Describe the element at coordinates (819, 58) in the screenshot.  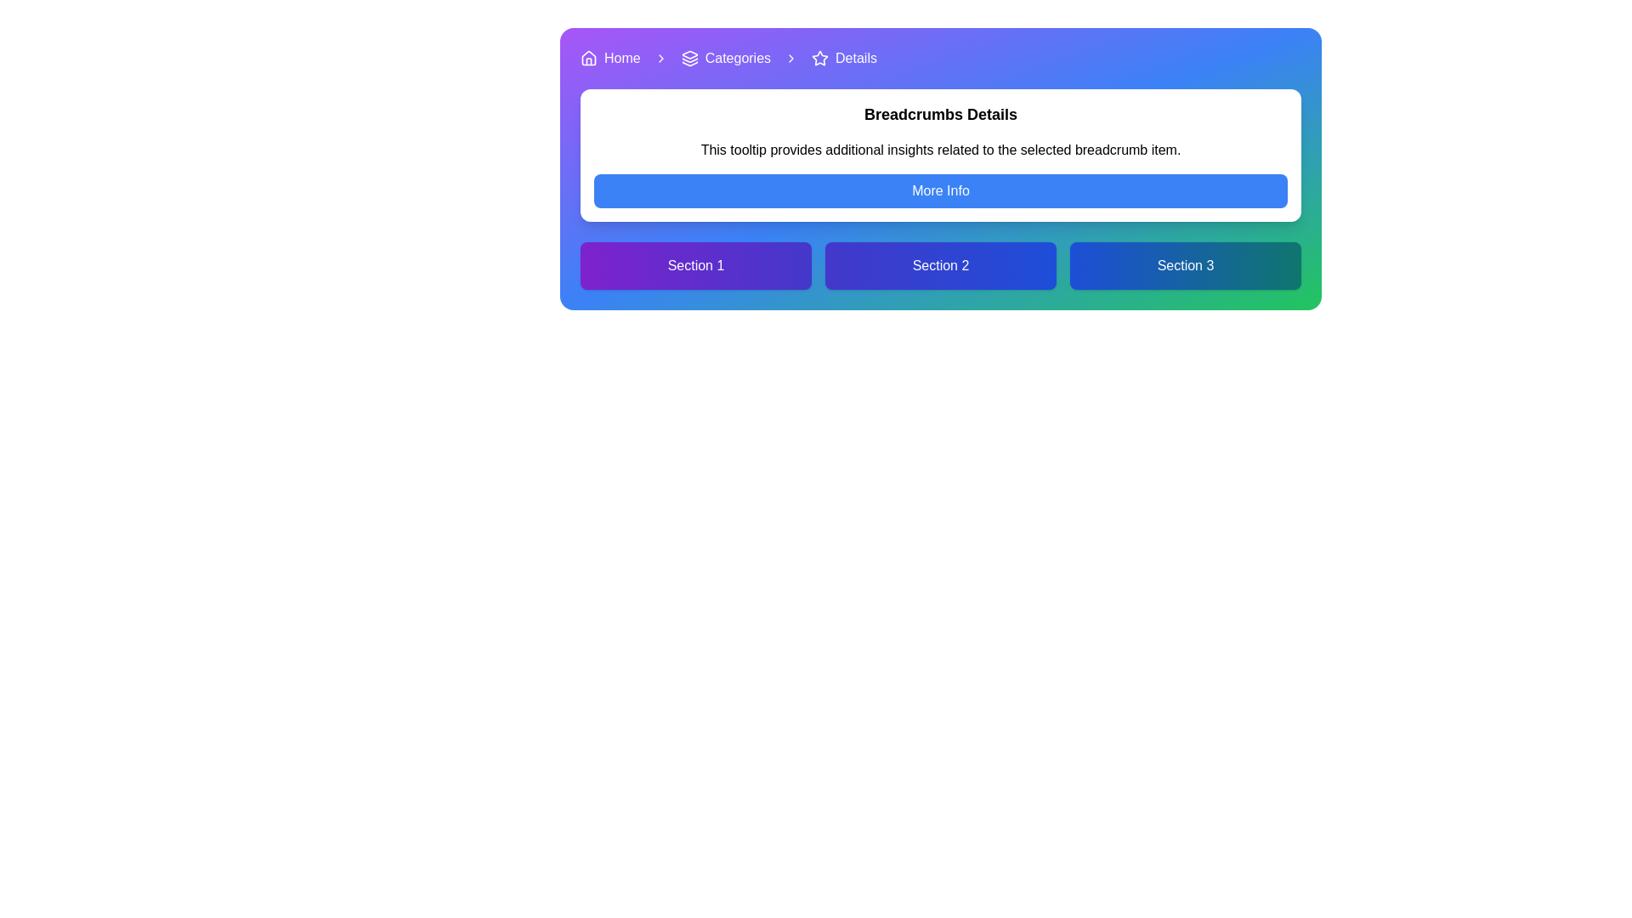
I see `the star-shaped icon located just left of the text 'Details' in the breadcrumb navigation` at that location.